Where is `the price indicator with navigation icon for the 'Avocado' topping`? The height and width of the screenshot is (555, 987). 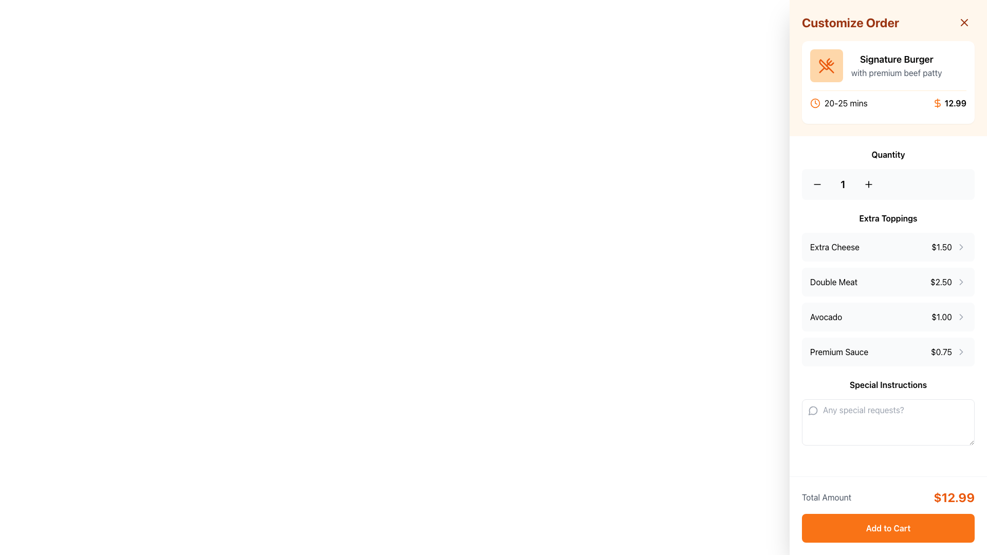
the price indicator with navigation icon for the 'Avocado' topping is located at coordinates (948, 317).